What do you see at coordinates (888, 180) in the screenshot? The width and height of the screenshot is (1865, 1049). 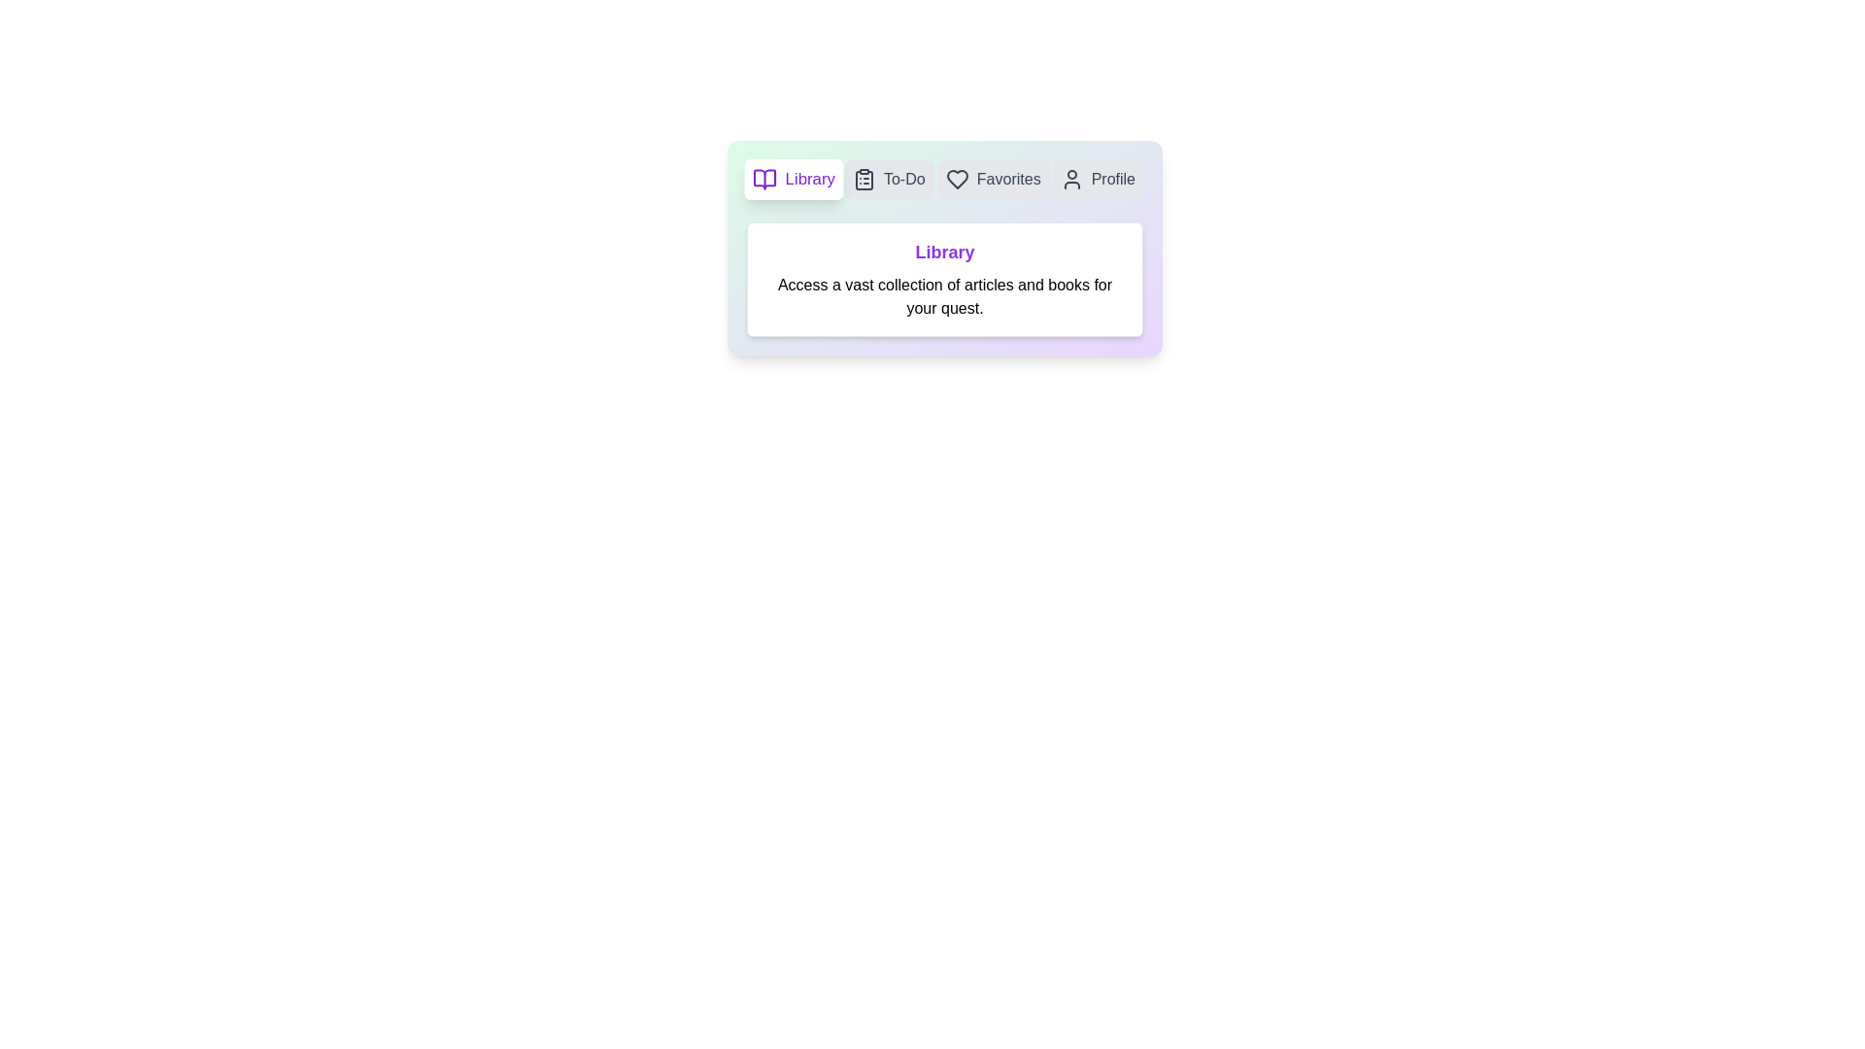 I see `the tab labeled To-Do to preview its interactive state` at bounding box center [888, 180].